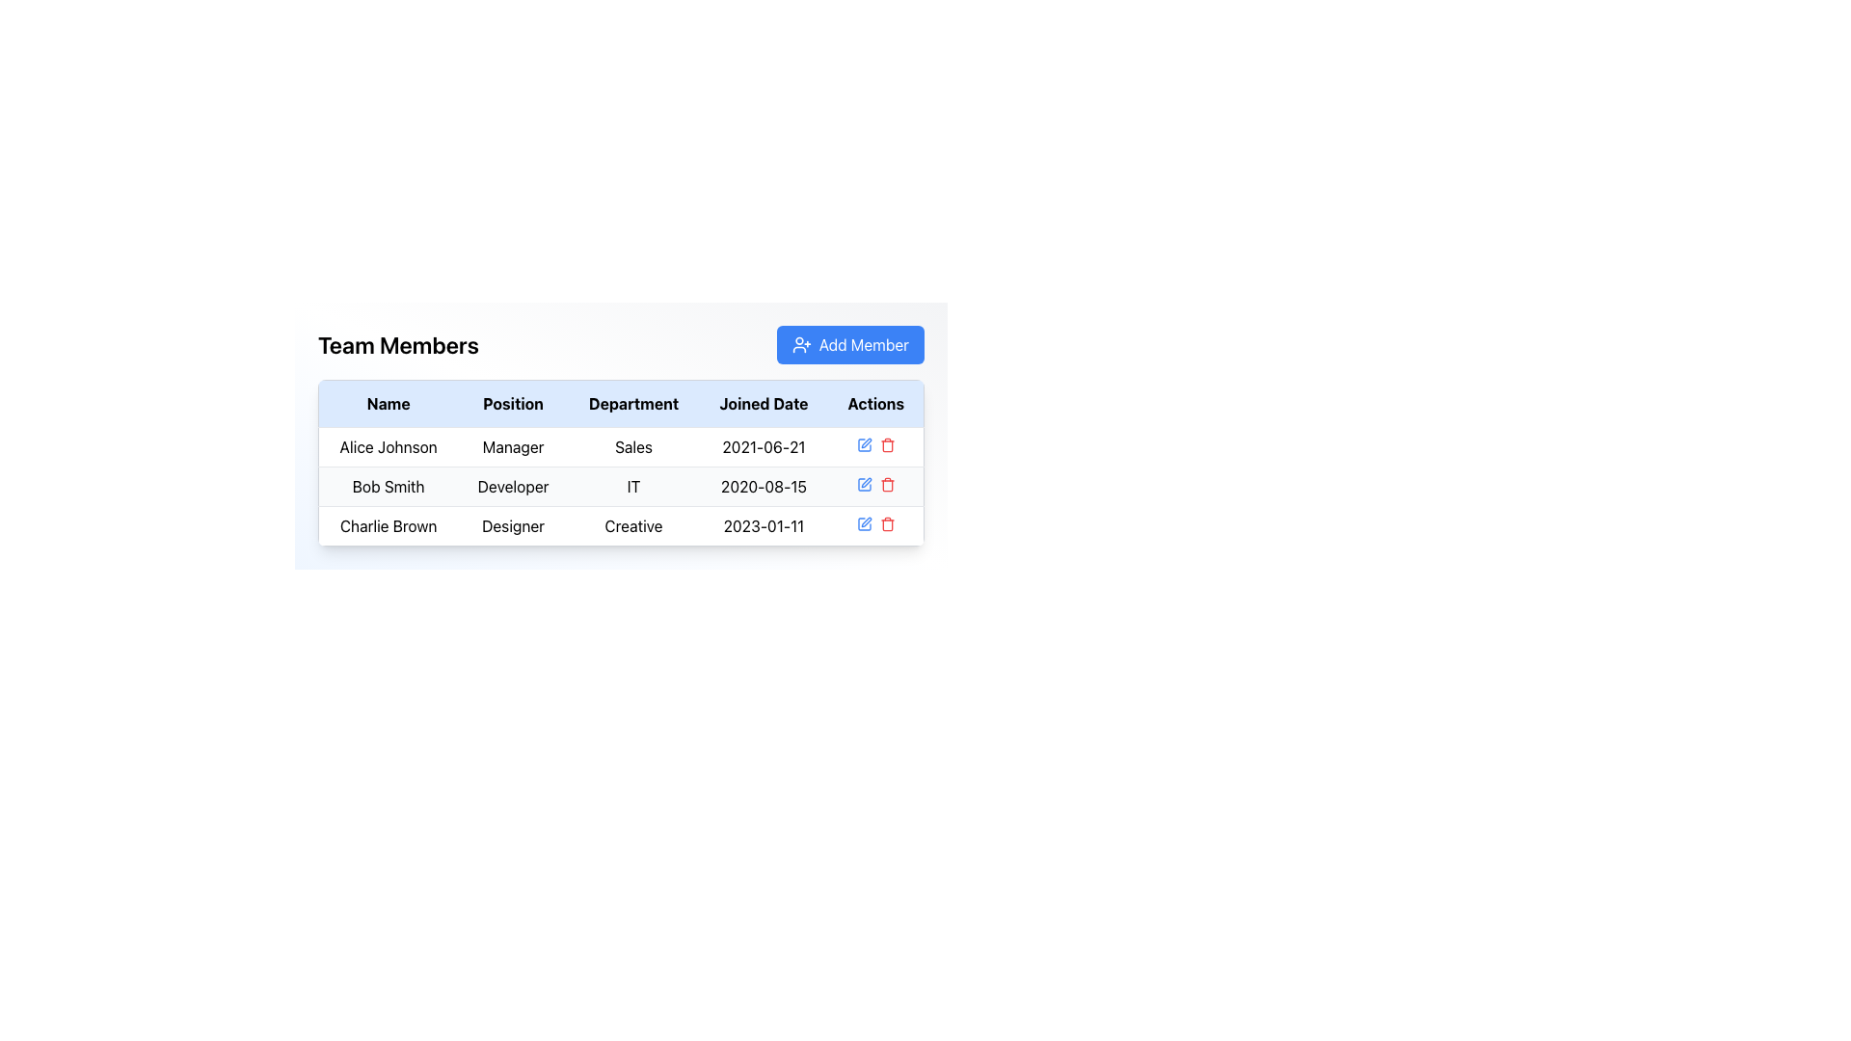 This screenshot has height=1041, width=1851. I want to click on the second row of the team member management table, so click(621, 486).